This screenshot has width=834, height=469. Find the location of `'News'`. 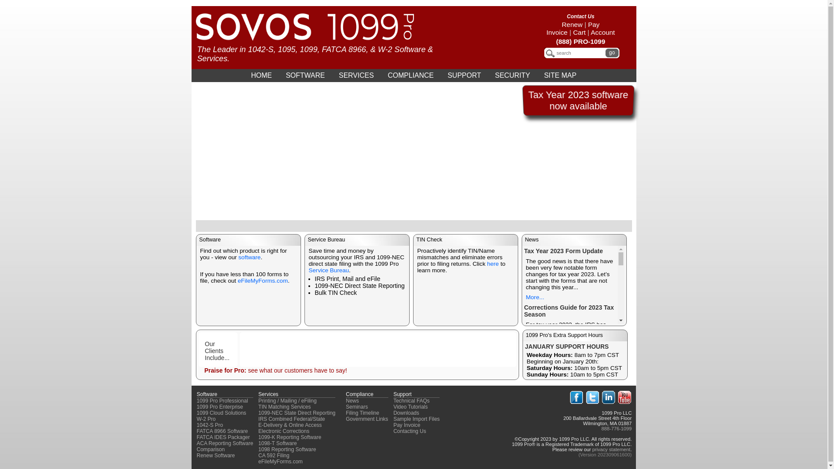

'News' is located at coordinates (352, 400).